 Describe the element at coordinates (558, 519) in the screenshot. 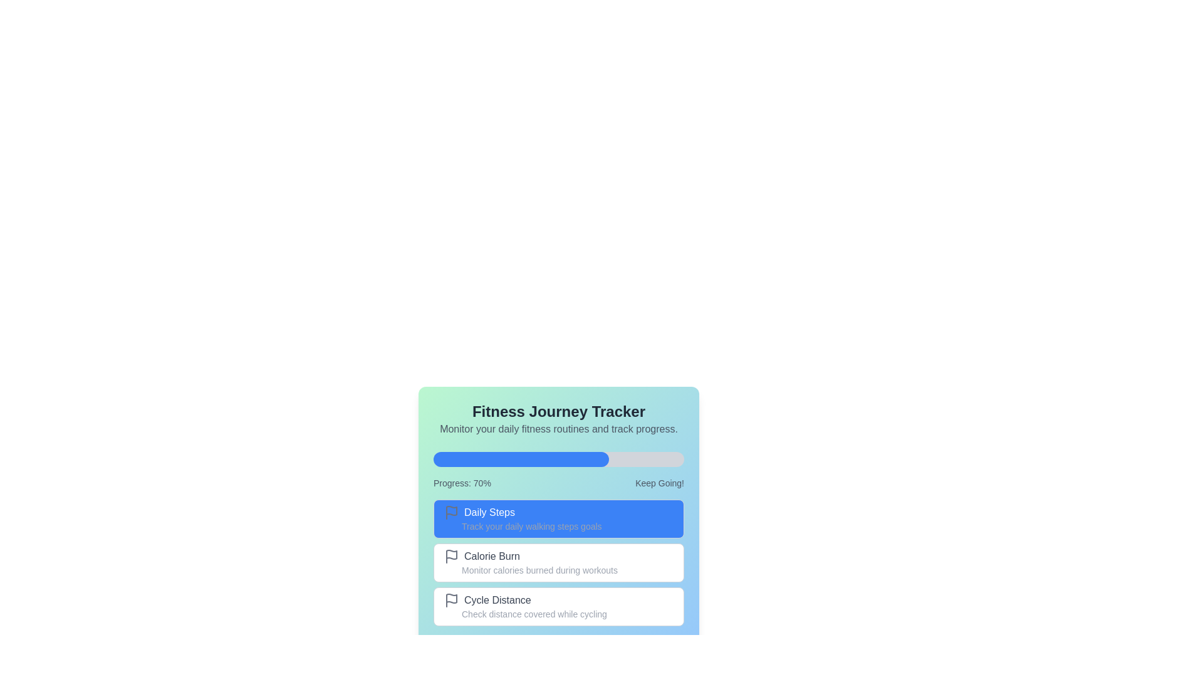

I see `the blue 'Daily Steps' button with a flag icon, which is the first option in a vertical list of three buttons, to observe any visual feedback` at that location.